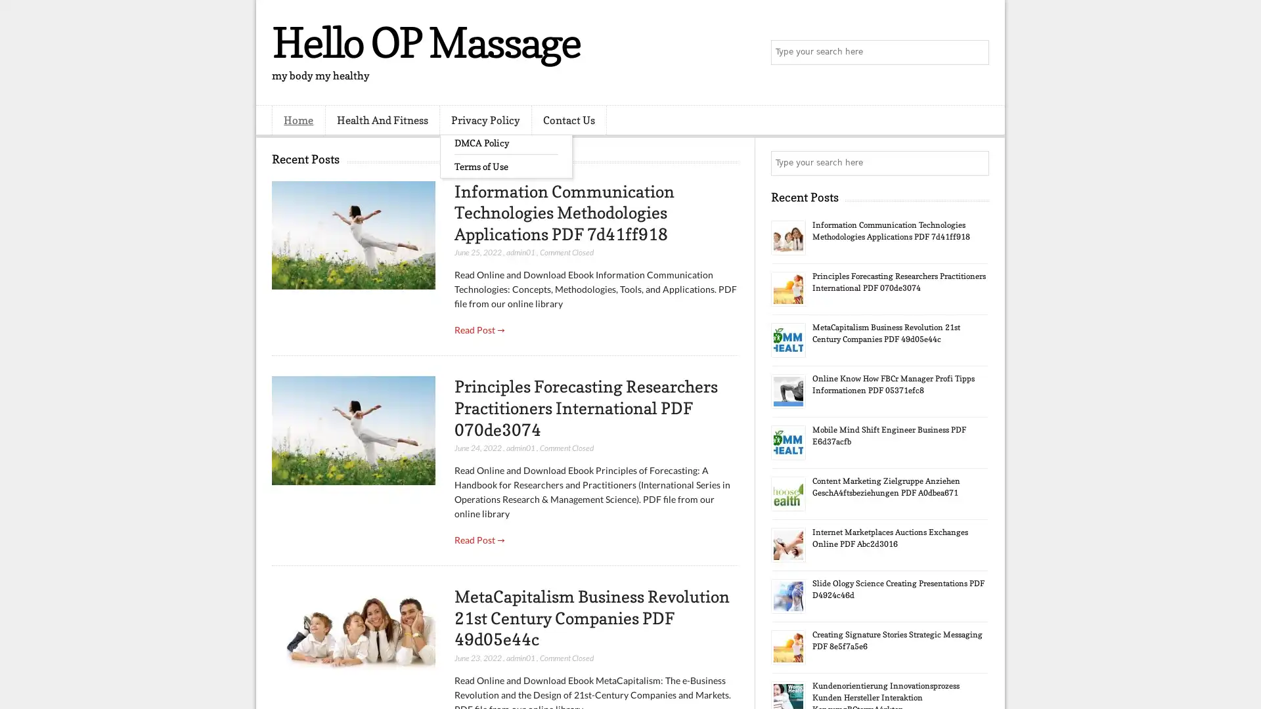 Image resolution: width=1261 pixels, height=709 pixels. What do you see at coordinates (975, 163) in the screenshot?
I see `Search` at bounding box center [975, 163].